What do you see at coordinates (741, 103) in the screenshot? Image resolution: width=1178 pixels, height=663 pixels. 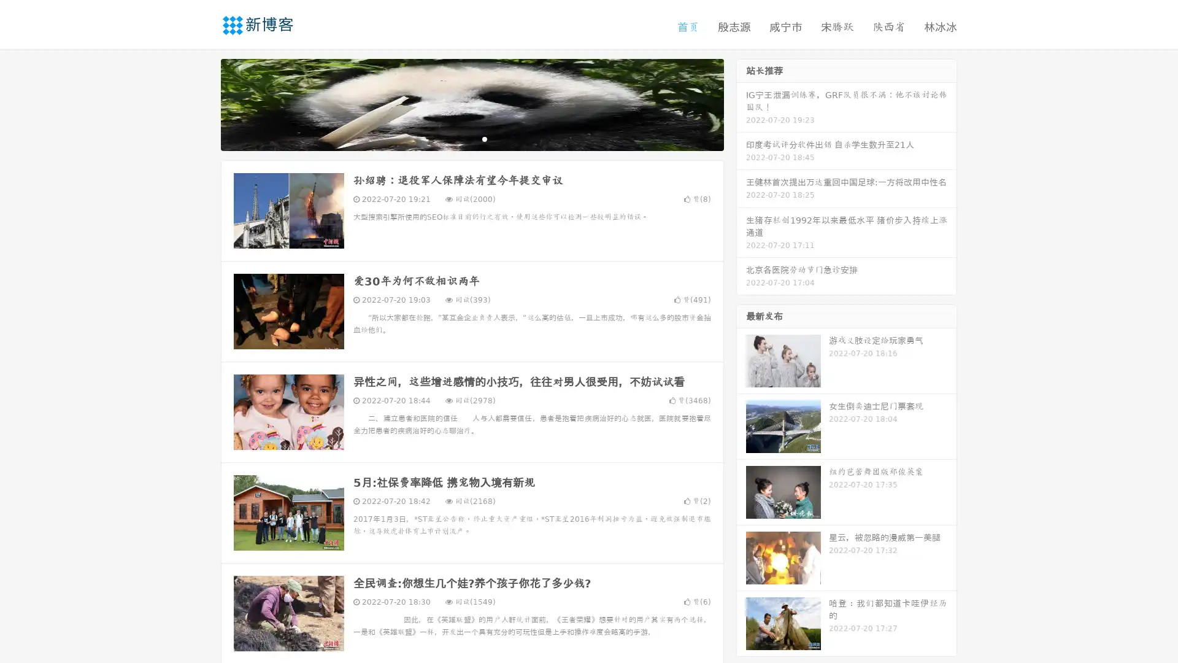 I see `Next slide` at bounding box center [741, 103].